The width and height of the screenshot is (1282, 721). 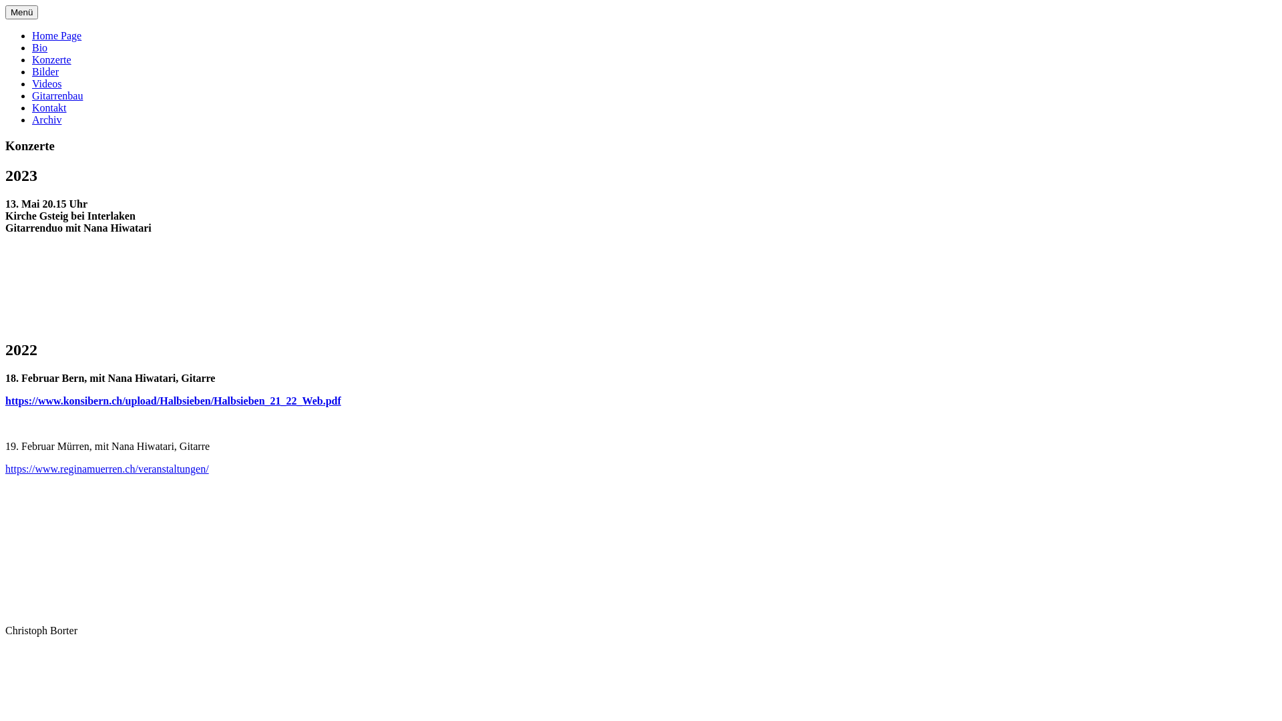 I want to click on 'Kontakt', so click(x=49, y=107).